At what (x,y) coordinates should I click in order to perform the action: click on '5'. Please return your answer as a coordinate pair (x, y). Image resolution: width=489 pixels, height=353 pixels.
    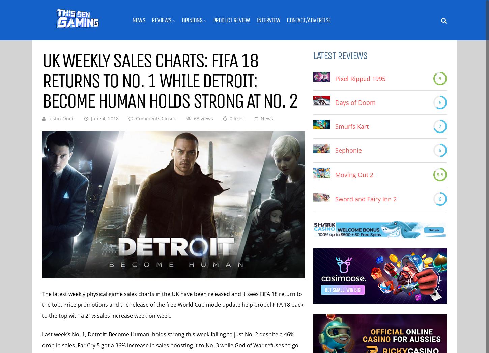
    Looking at the image, I should click on (440, 150).